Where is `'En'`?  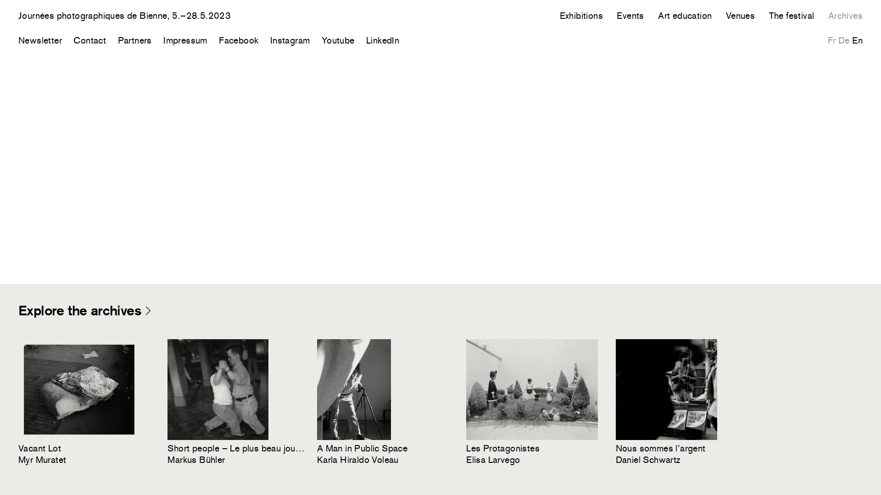
'En' is located at coordinates (857, 40).